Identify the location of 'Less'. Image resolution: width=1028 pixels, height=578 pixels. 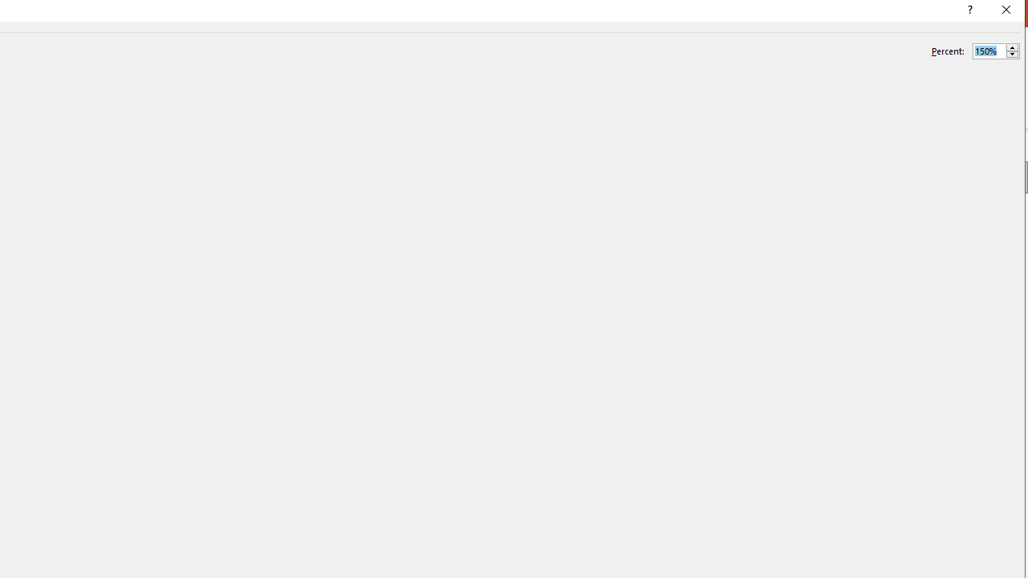
(1011, 54).